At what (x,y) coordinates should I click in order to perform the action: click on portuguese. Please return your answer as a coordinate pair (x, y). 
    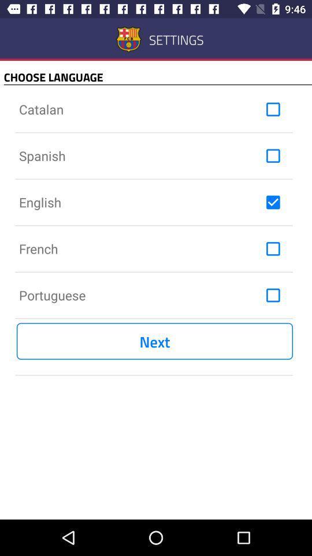
    Looking at the image, I should click on (273, 294).